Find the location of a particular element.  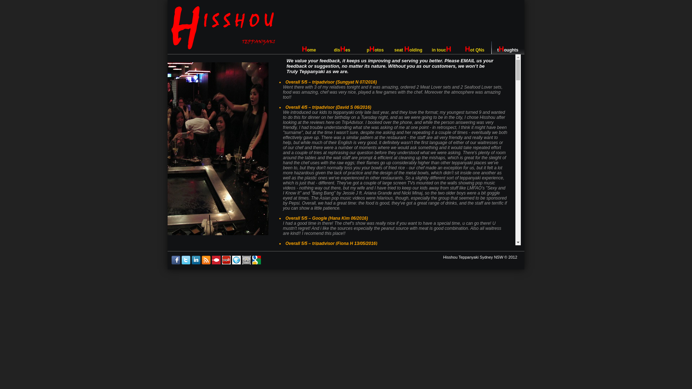

'Hot QNs' is located at coordinates (474, 47).